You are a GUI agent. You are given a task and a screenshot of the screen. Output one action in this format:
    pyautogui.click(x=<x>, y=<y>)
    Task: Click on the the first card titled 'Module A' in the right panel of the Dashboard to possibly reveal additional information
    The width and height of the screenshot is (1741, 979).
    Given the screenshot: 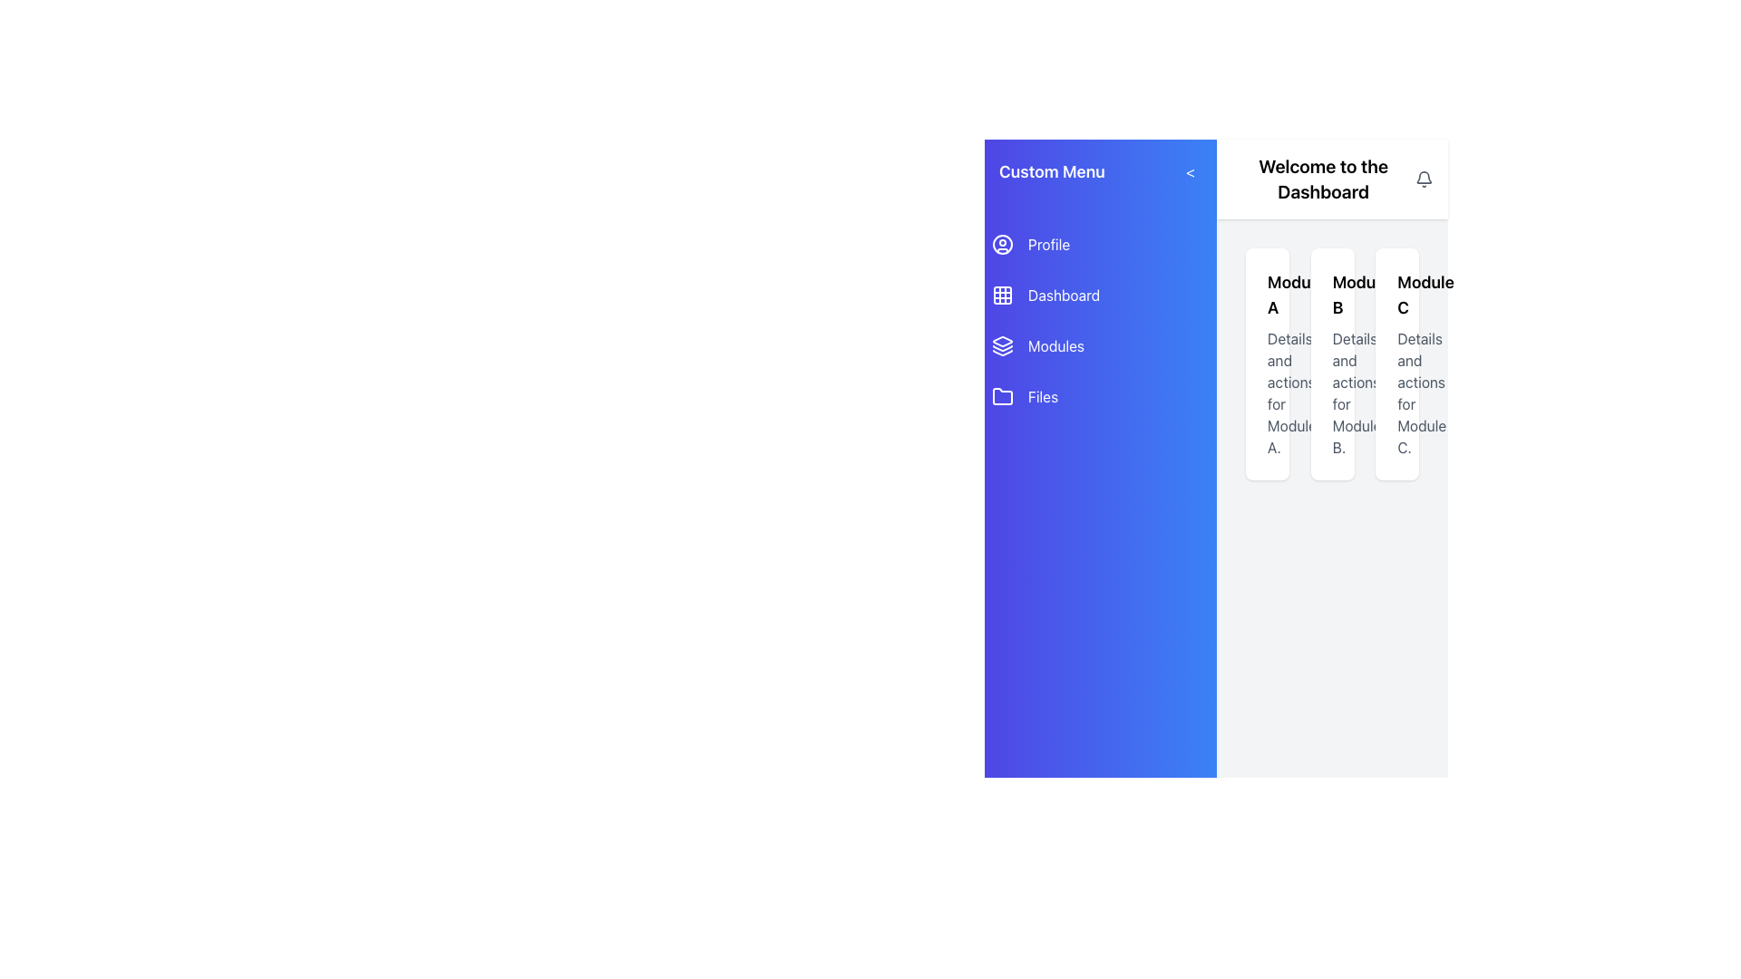 What is the action you would take?
    pyautogui.click(x=1266, y=363)
    